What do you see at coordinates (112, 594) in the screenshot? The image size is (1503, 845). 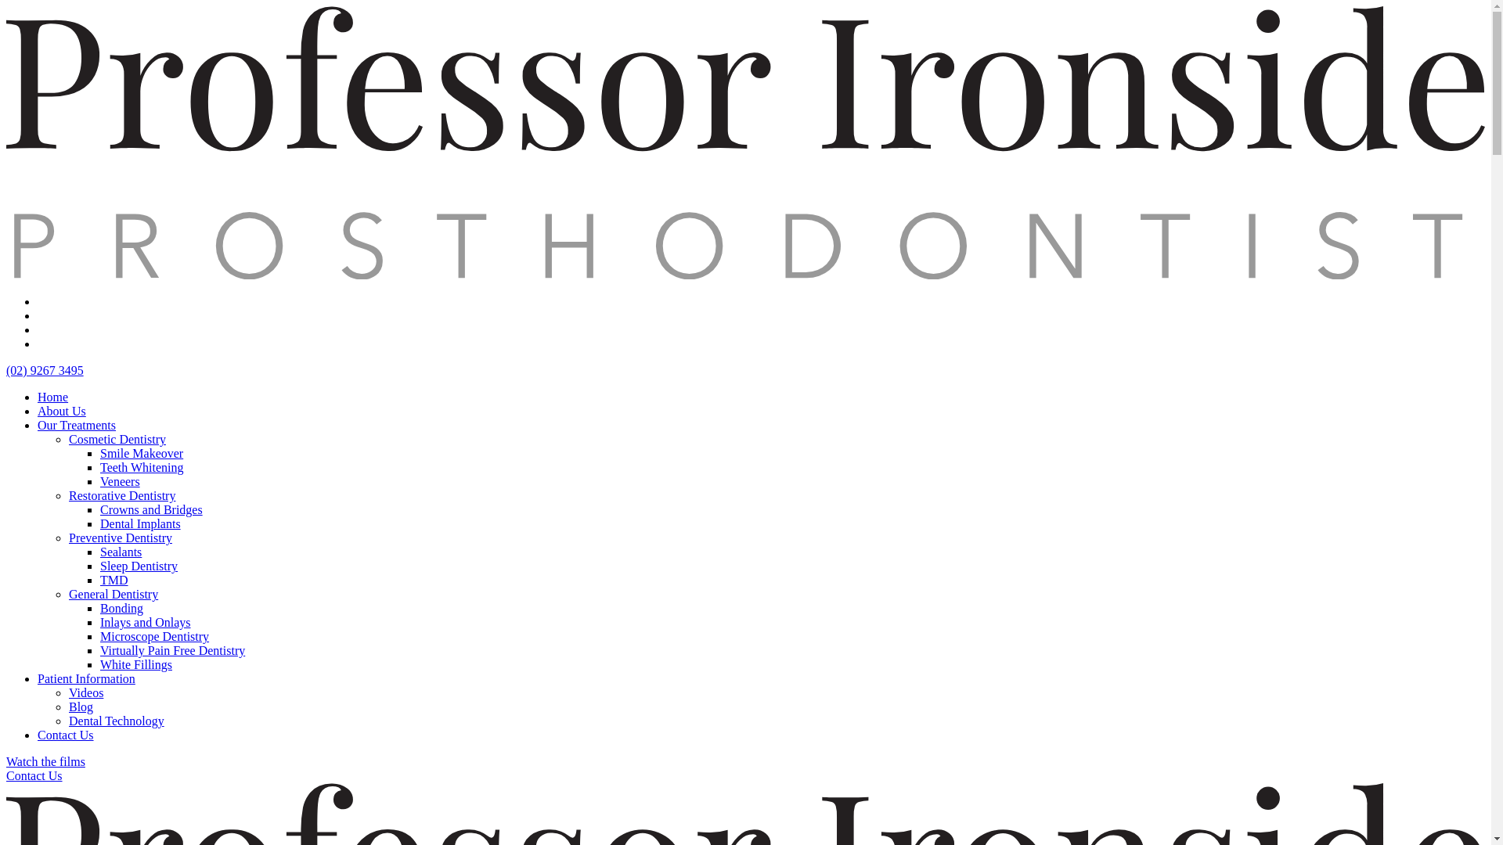 I see `'General Dentistry'` at bounding box center [112, 594].